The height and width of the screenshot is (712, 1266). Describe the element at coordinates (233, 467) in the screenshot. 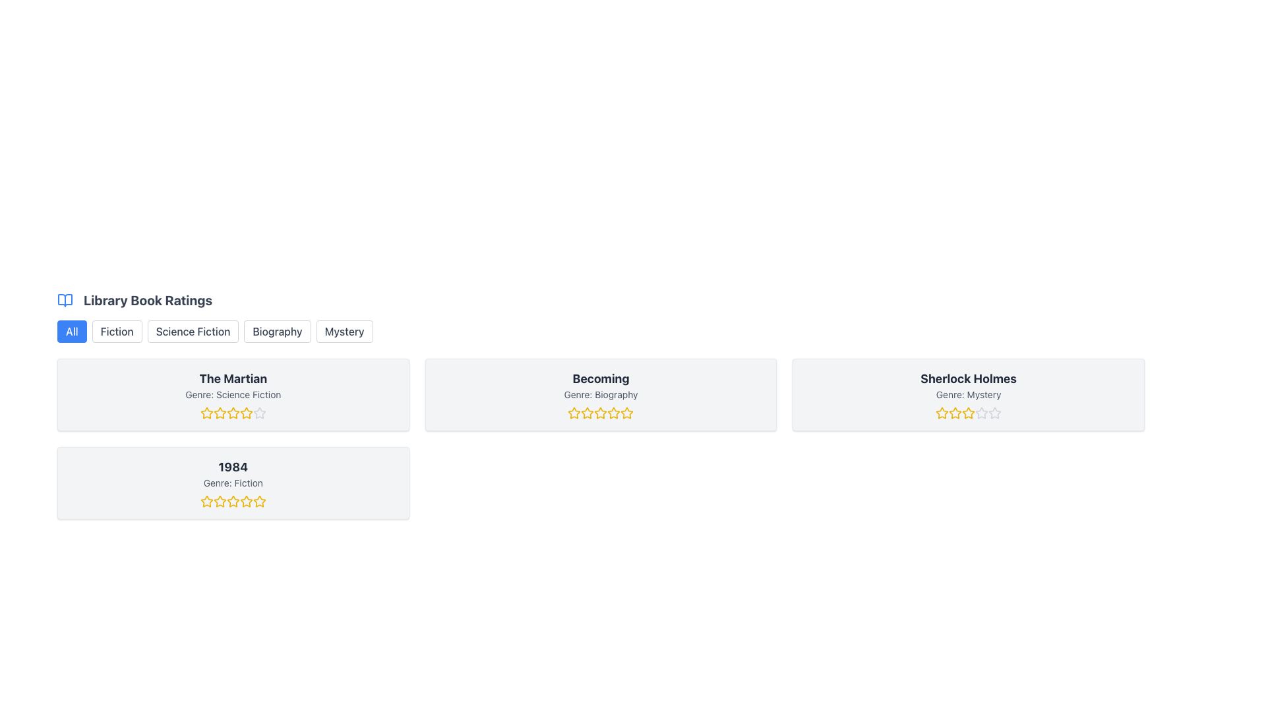

I see `the text label for the book titled '1984'` at that location.